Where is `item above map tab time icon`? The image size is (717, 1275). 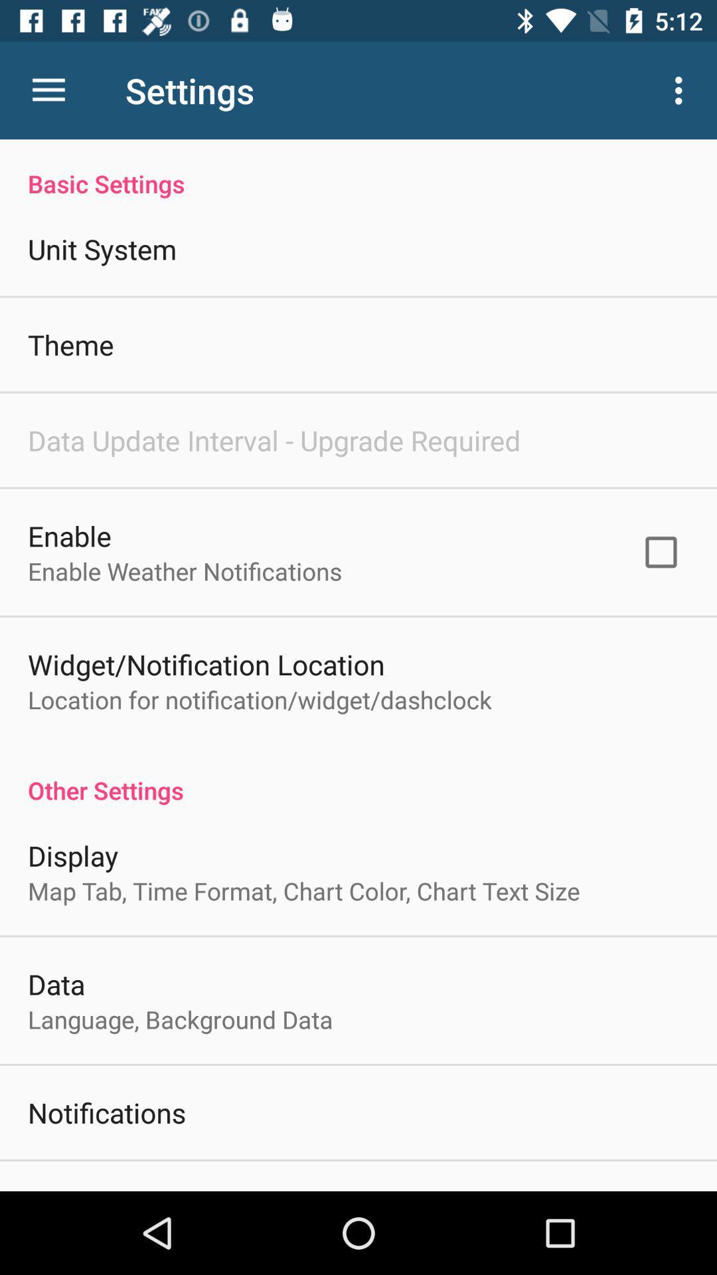
item above map tab time icon is located at coordinates (73, 855).